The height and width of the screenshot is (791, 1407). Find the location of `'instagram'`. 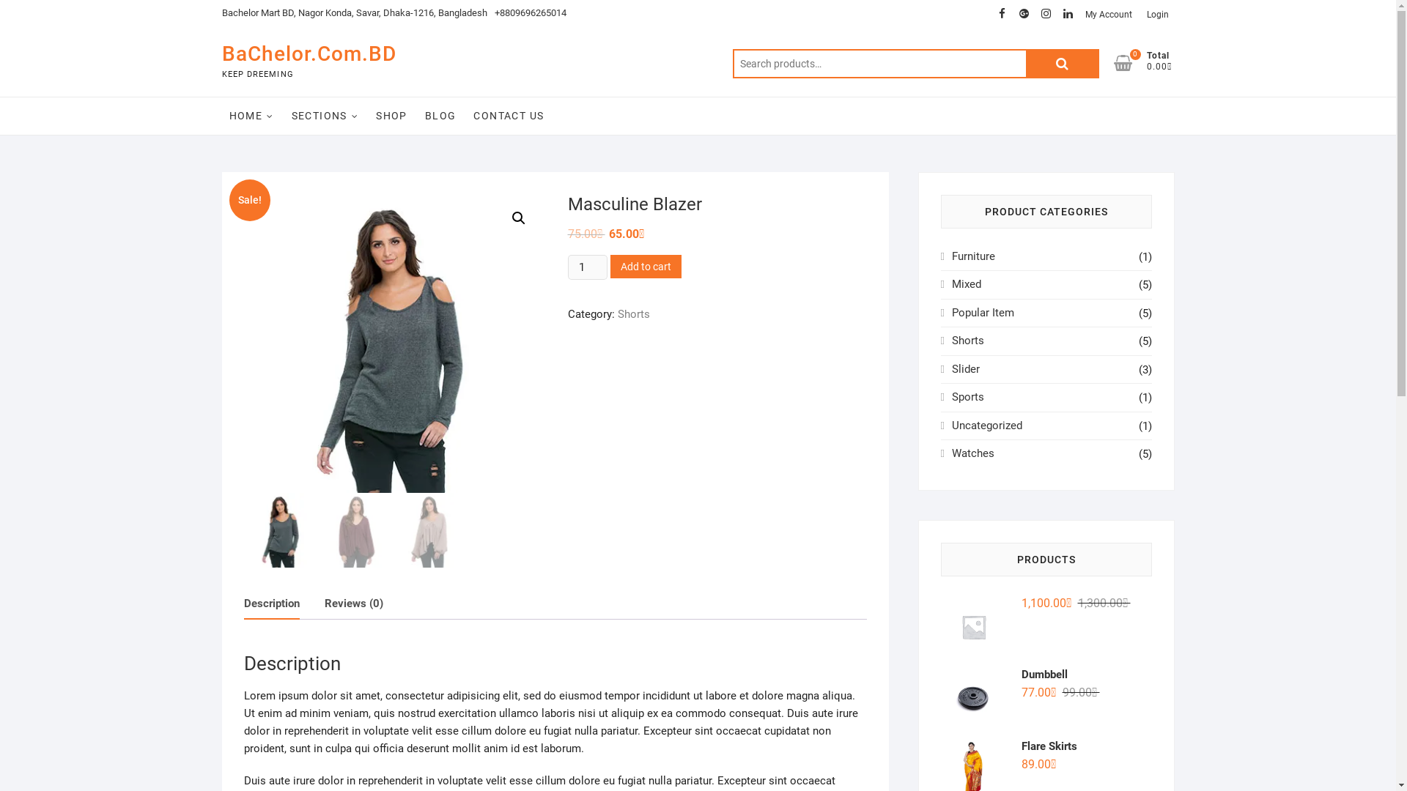

'instagram' is located at coordinates (1044, 14).